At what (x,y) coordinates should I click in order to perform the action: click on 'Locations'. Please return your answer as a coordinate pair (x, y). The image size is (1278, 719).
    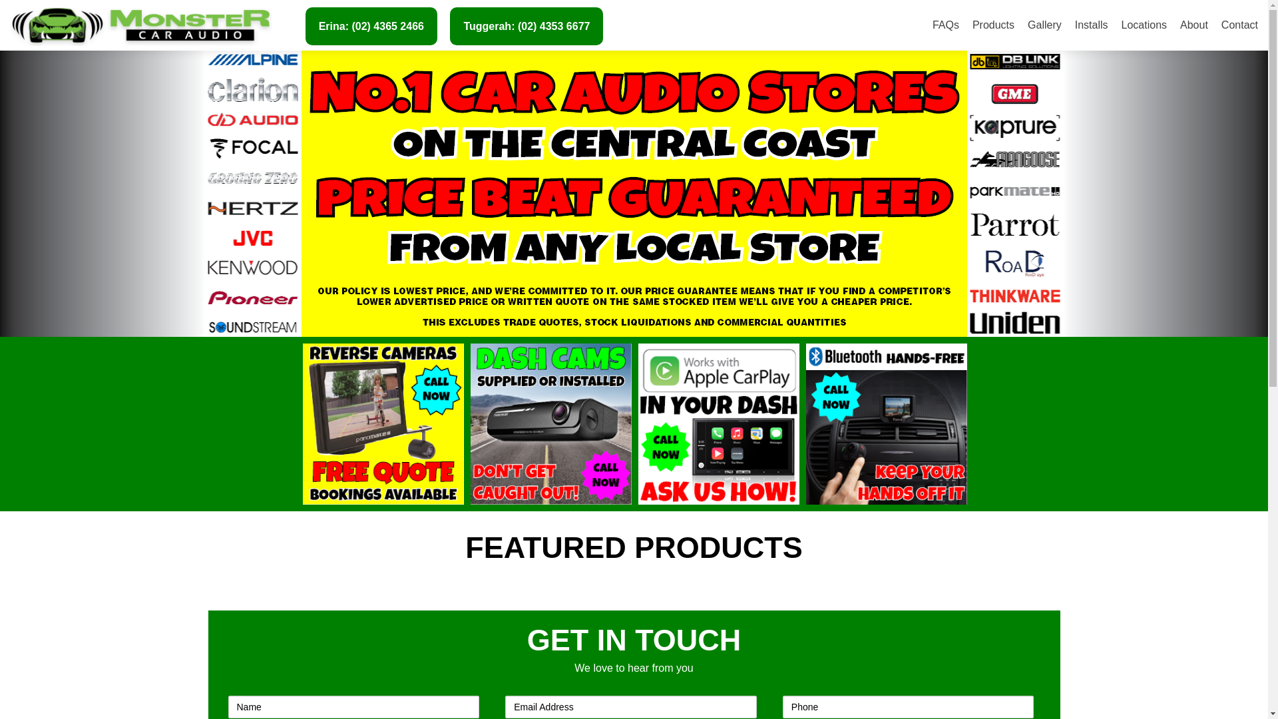
    Looking at the image, I should click on (1144, 25).